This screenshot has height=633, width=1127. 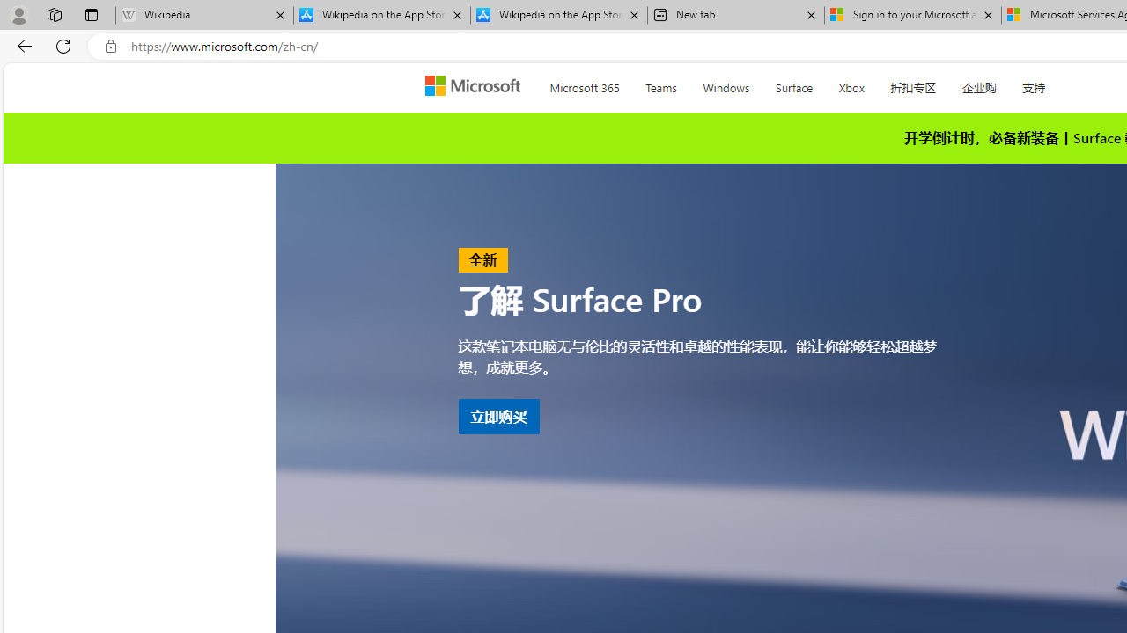 What do you see at coordinates (851, 84) in the screenshot?
I see `'Xbox'` at bounding box center [851, 84].